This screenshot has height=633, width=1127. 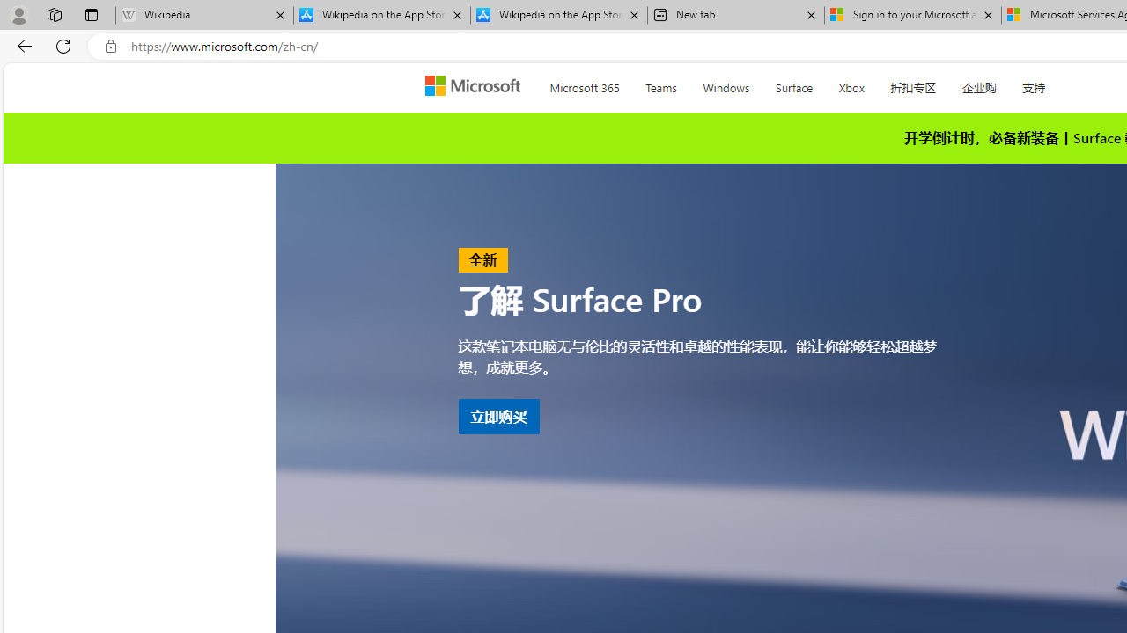 What do you see at coordinates (851, 84) in the screenshot?
I see `'Xbox'` at bounding box center [851, 84].